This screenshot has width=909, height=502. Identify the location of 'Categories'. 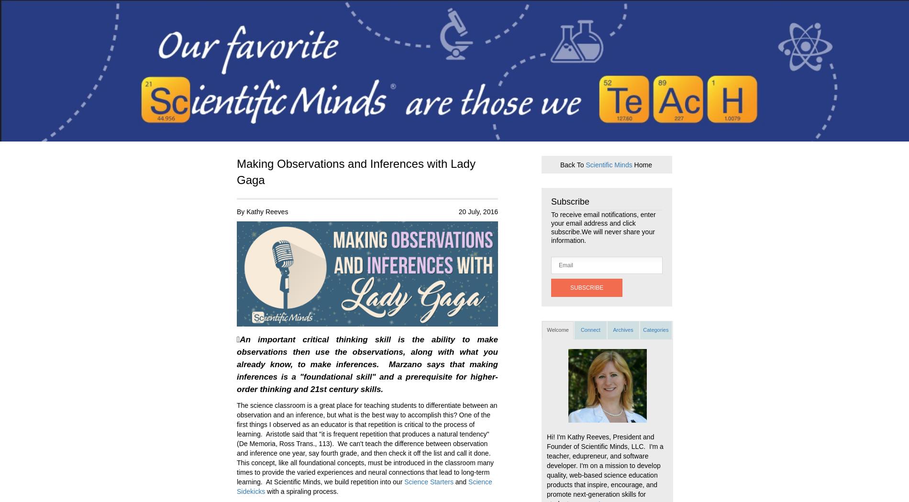
(655, 329).